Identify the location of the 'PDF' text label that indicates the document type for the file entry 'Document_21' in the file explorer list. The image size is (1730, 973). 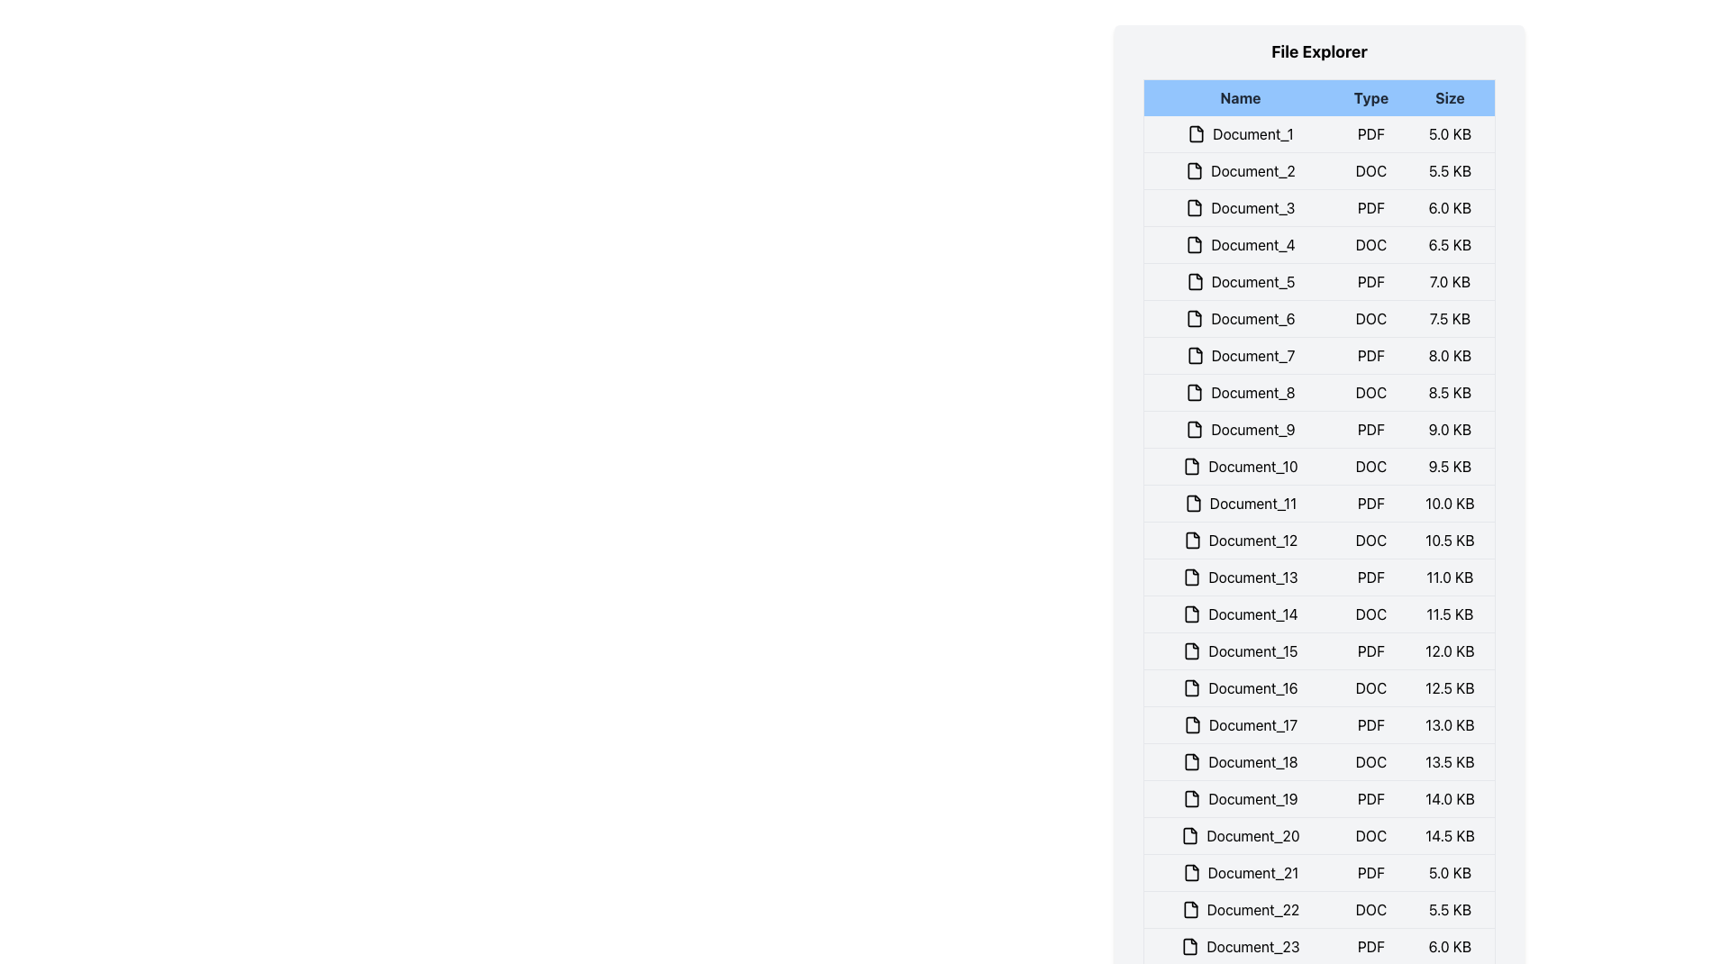
(1370, 871).